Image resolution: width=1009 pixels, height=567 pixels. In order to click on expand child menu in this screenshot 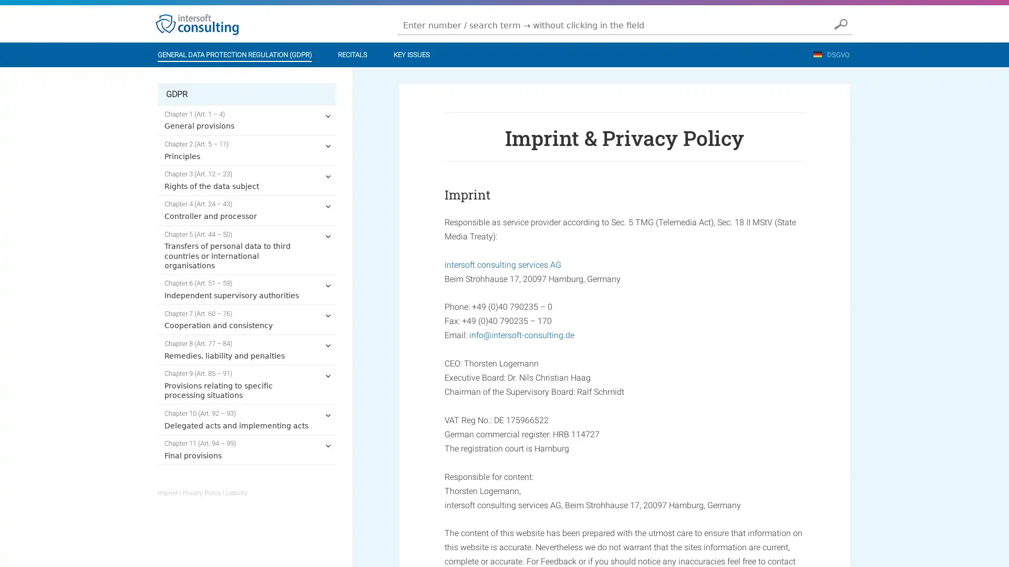, I will do `click(327, 145)`.